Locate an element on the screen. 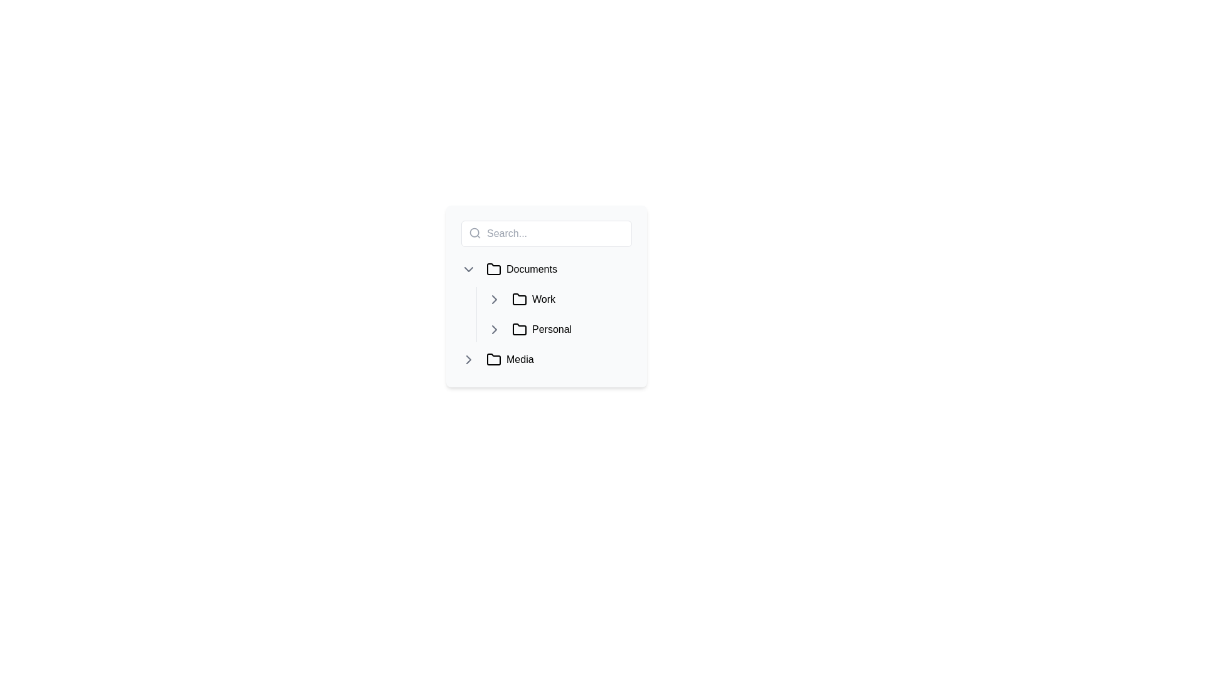 The width and height of the screenshot is (1205, 677). the 'Work' folder in the hierarchical navigation menu is located at coordinates (546, 300).